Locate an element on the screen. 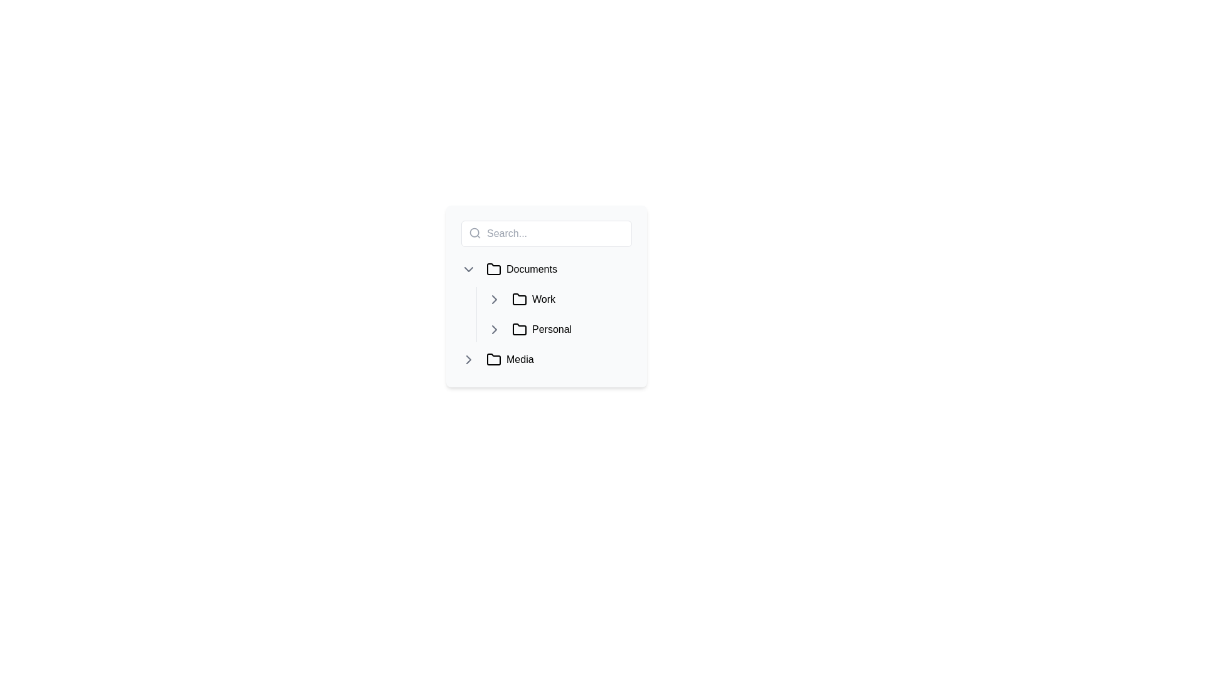 The width and height of the screenshot is (1205, 677). the 'Work' folder in the hierarchical navigation menu is located at coordinates (546, 300).